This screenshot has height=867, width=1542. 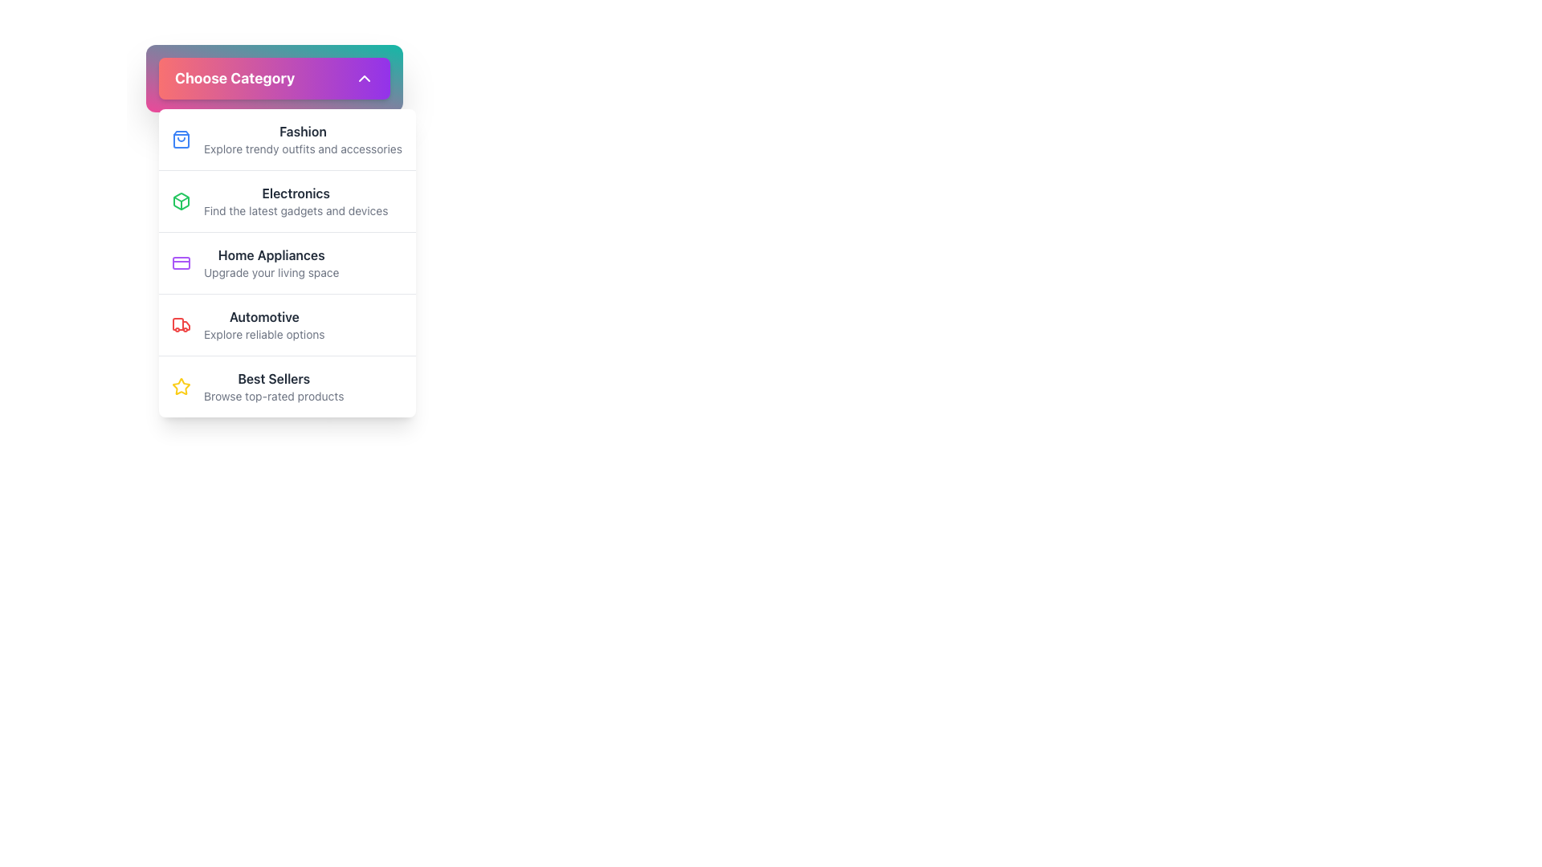 What do you see at coordinates (274, 378) in the screenshot?
I see `the 'Best Sellers' text label located in the dropdown menu under the 'Automotive' section` at bounding box center [274, 378].